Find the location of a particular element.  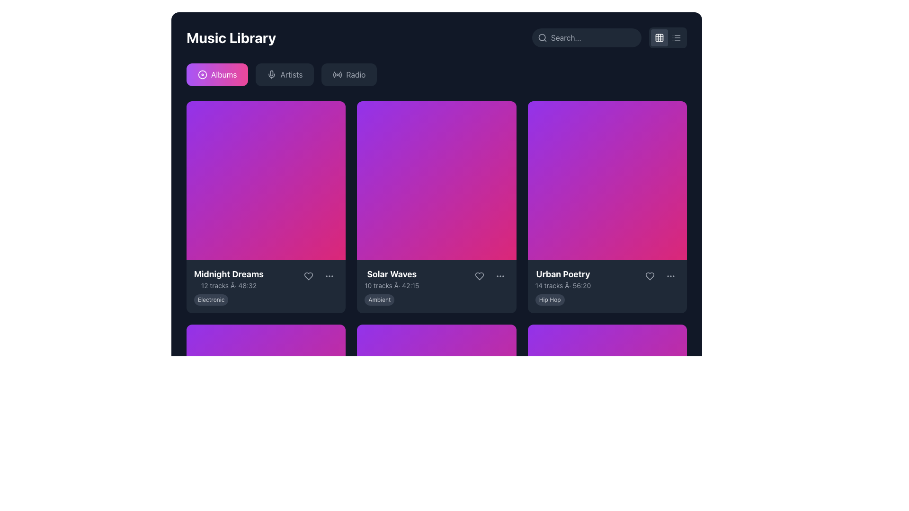

the central dot of the Ellipsis icon (three-dot menu button) located on the right-hand side of the 'Solar Waves' card in the 'Music Library' is located at coordinates (499, 276).